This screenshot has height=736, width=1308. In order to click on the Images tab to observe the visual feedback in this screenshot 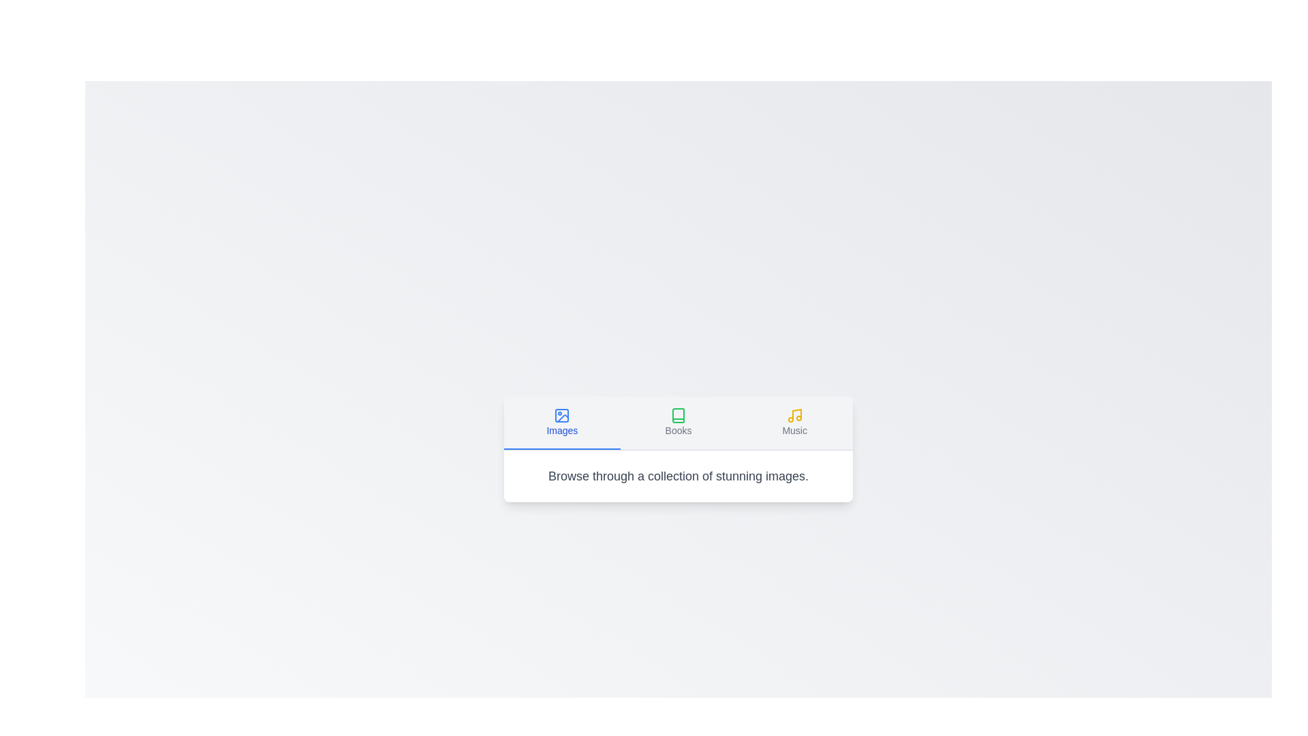, I will do `click(562, 422)`.